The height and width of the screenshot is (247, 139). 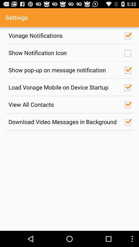 What do you see at coordinates (64, 104) in the screenshot?
I see `view all contacts` at bounding box center [64, 104].